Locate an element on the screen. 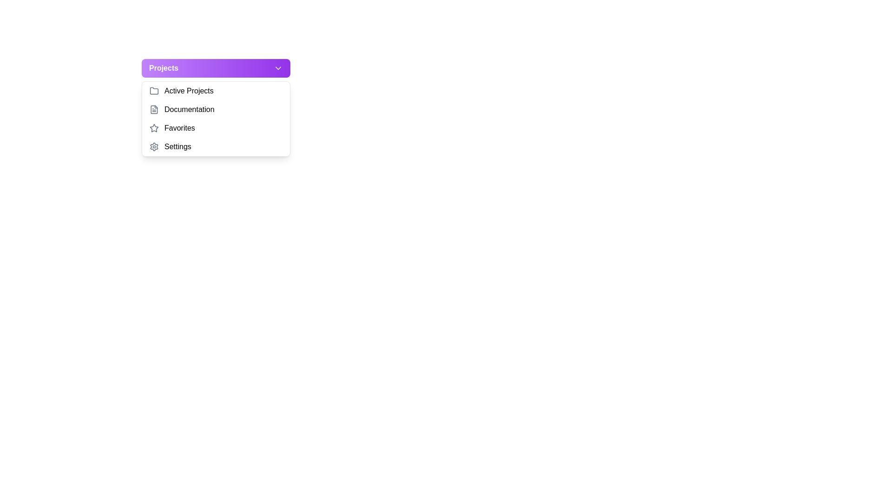 Image resolution: width=892 pixels, height=502 pixels. the folder-like icon within the dropdown list under the 'Documentation' label, which is represented as an SVG element is located at coordinates (154, 109).